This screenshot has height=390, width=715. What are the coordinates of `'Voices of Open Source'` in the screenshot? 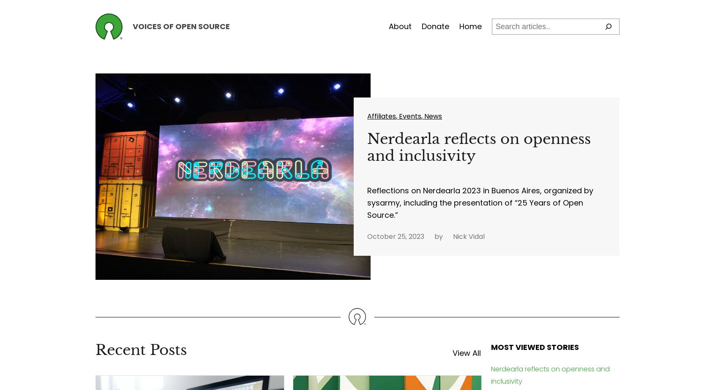 It's located at (180, 26).